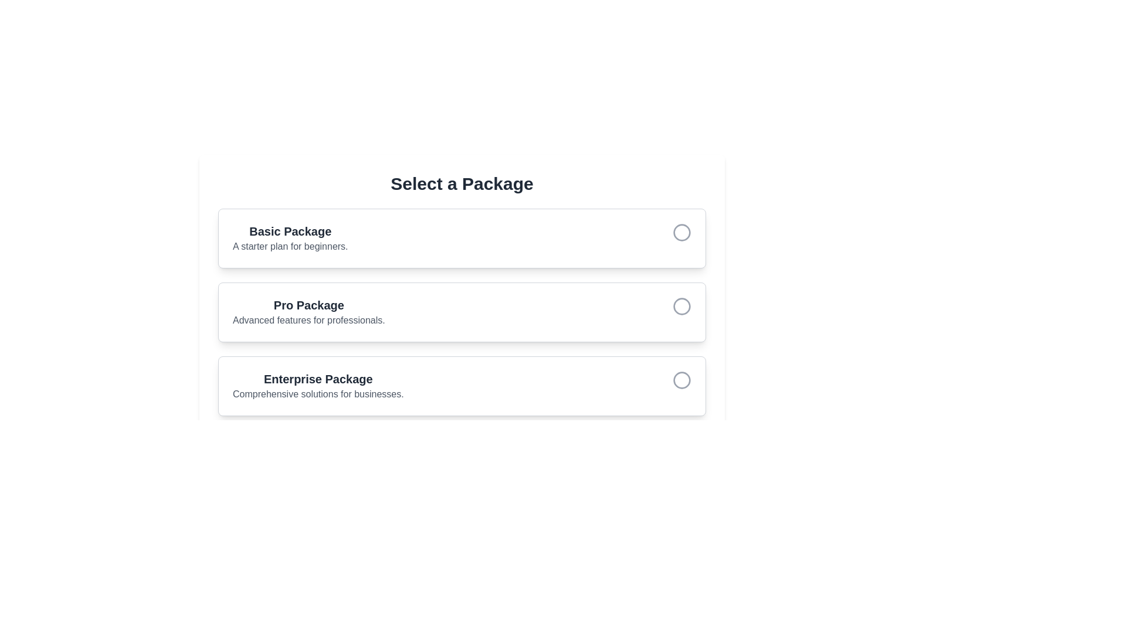 Image resolution: width=1126 pixels, height=633 pixels. I want to click on the 'Basic Package' text block which is the first option in the 'Select a Package' section, featuring bold text and a description below, so click(290, 238).